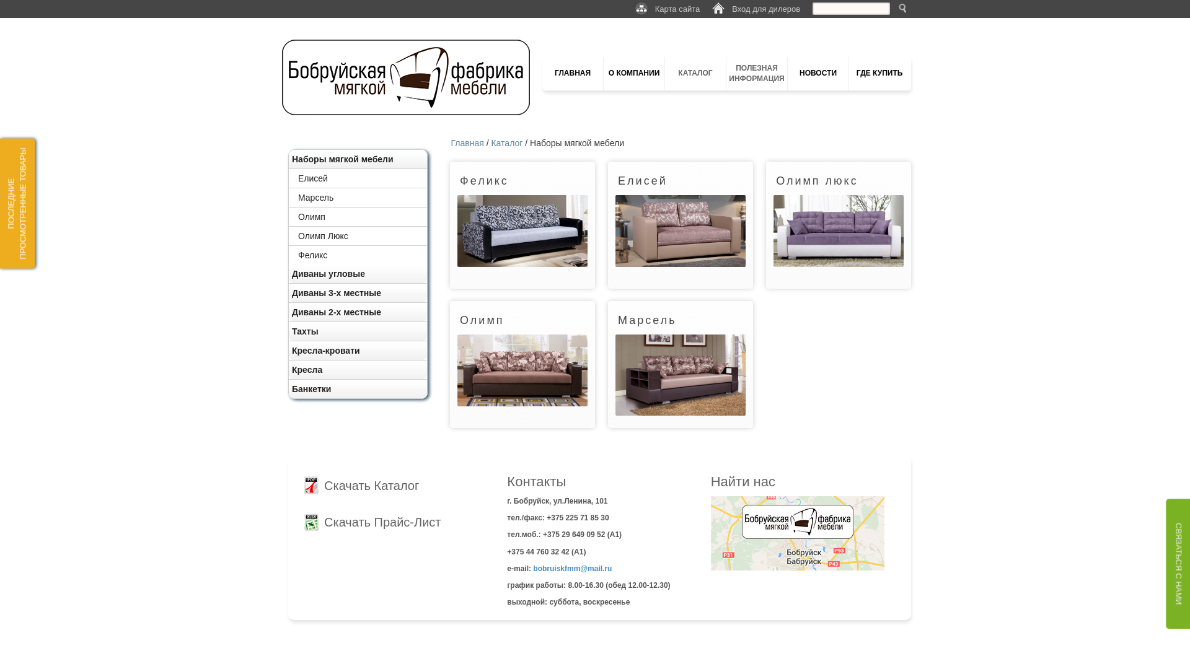 The height and width of the screenshot is (669, 1190). Describe the element at coordinates (571, 569) in the screenshot. I see `'bobruiskfmm@mail.ru'` at that location.